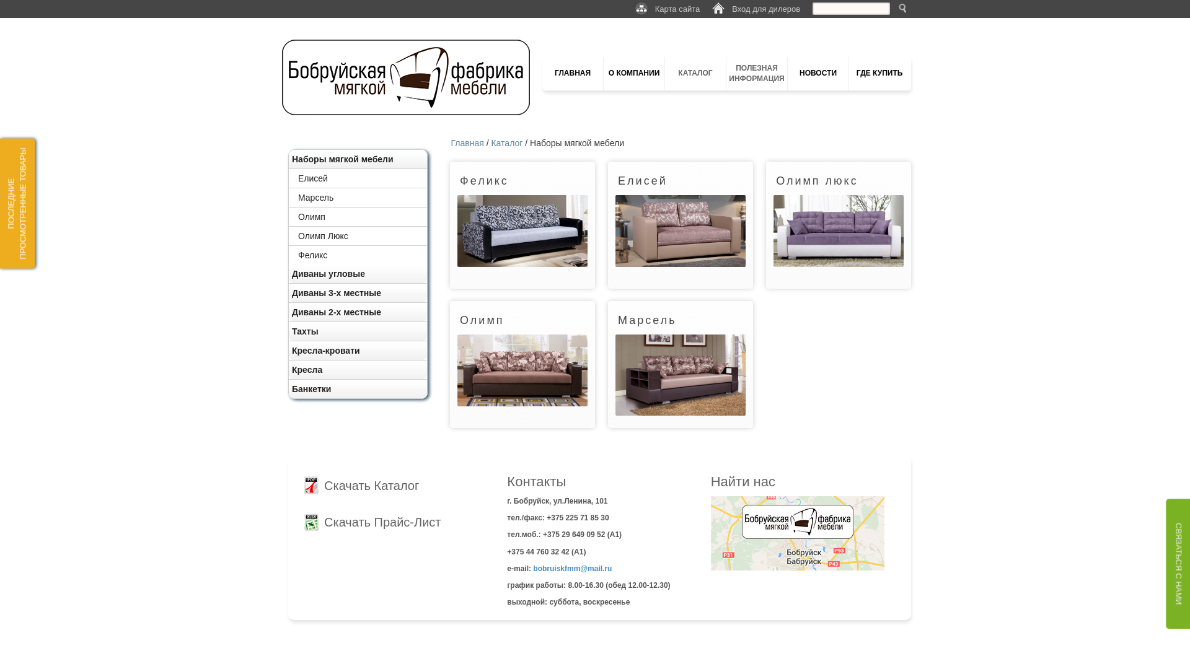 The height and width of the screenshot is (669, 1190). Describe the element at coordinates (571, 569) in the screenshot. I see `'bobruiskfmm@mail.ru'` at that location.